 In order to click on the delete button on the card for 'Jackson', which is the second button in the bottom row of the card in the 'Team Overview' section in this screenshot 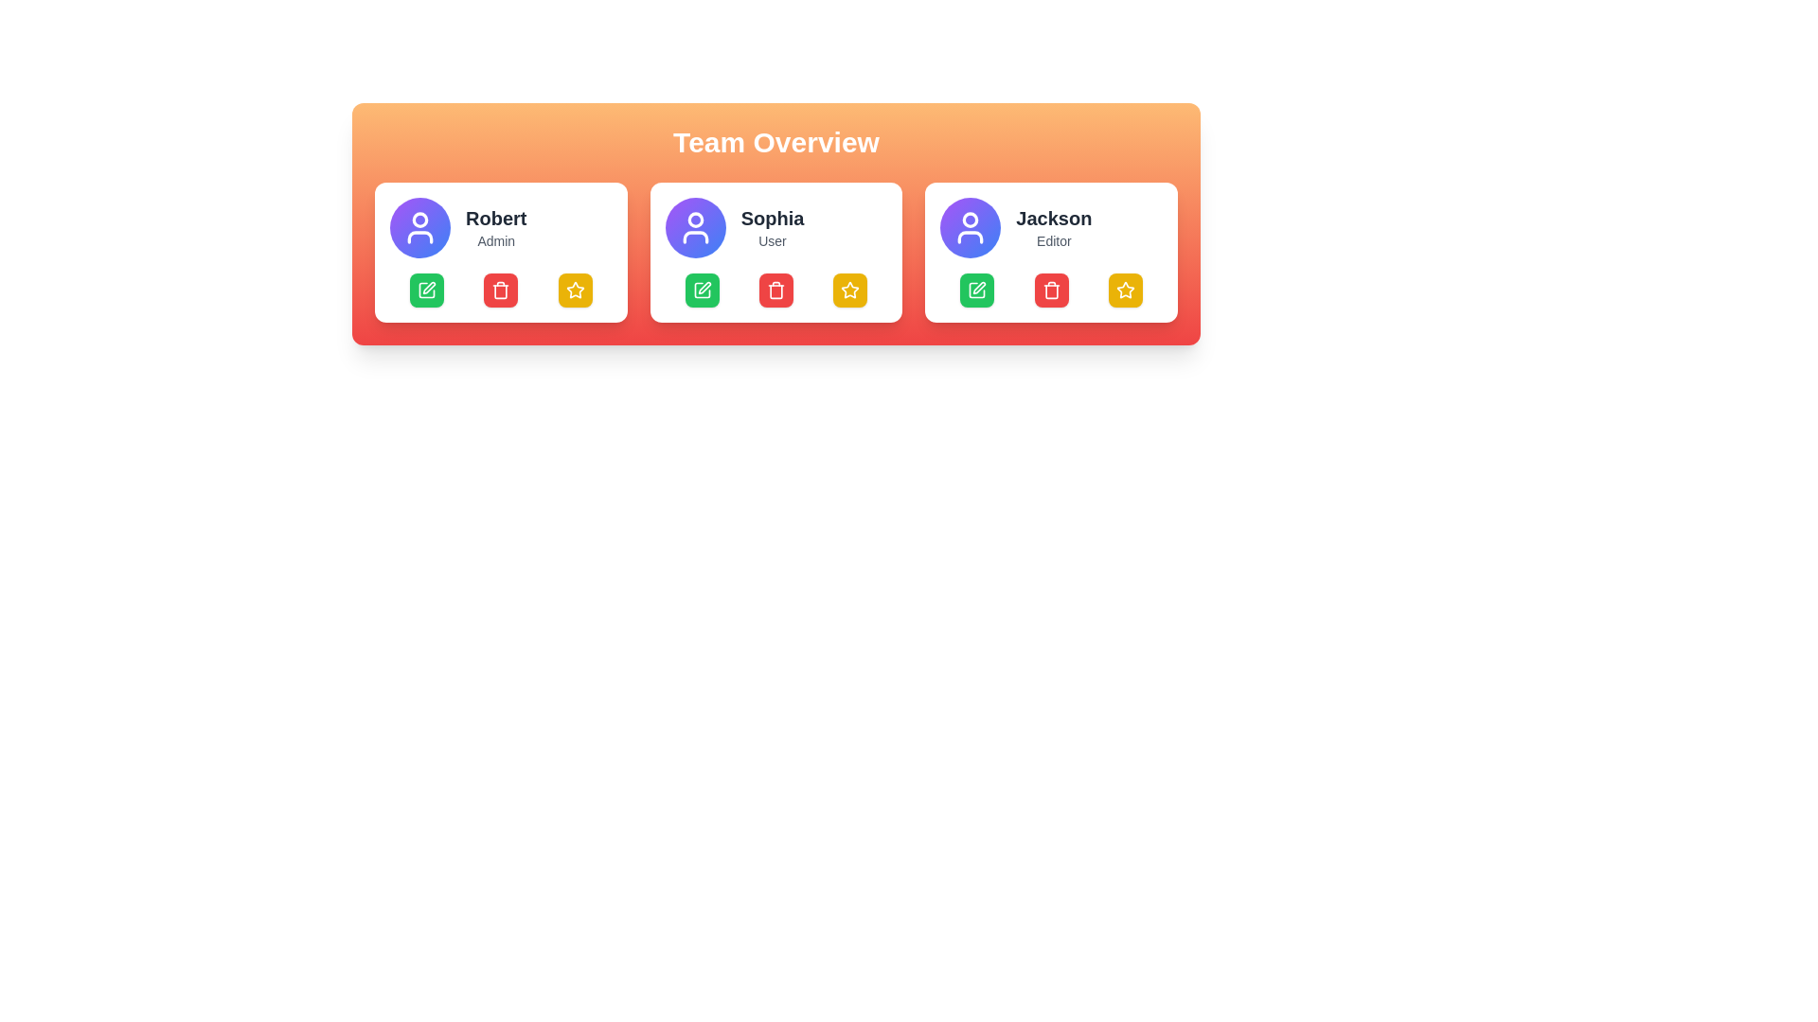, I will do `click(1050, 291)`.